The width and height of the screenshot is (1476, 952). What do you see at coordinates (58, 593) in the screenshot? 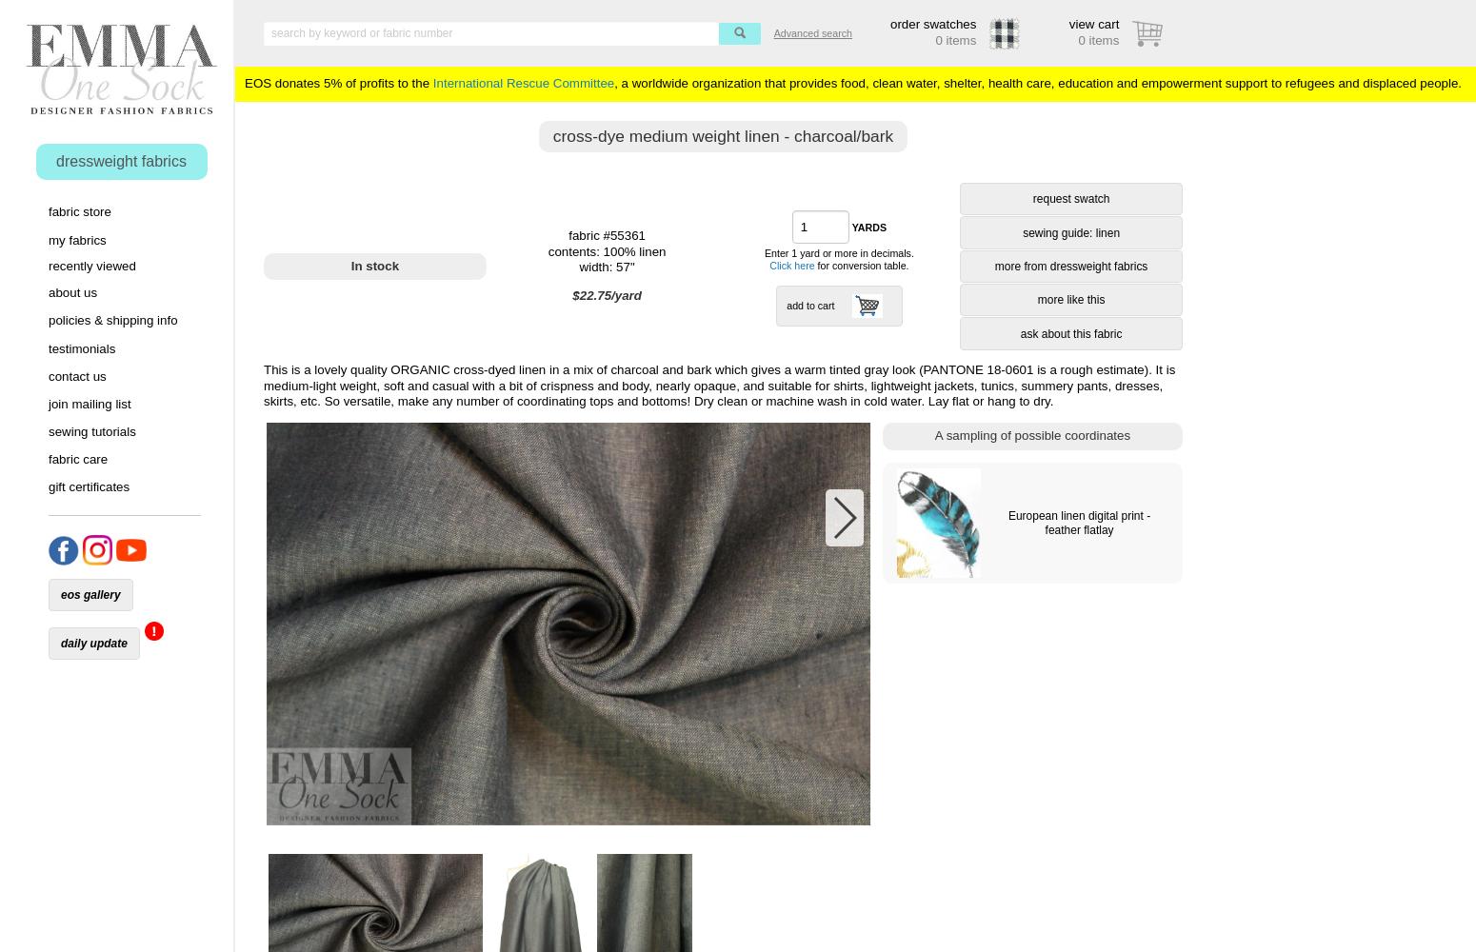
I see `'eos gallery'` at bounding box center [58, 593].